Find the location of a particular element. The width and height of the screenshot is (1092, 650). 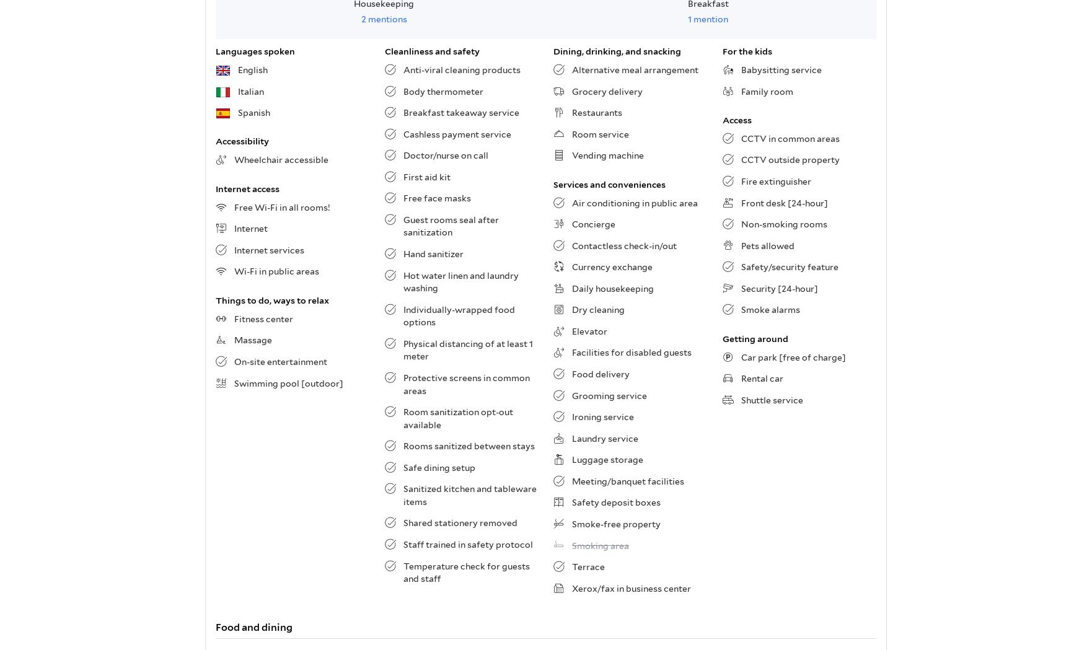

'Anti-viral cleaning products' is located at coordinates (460, 69).